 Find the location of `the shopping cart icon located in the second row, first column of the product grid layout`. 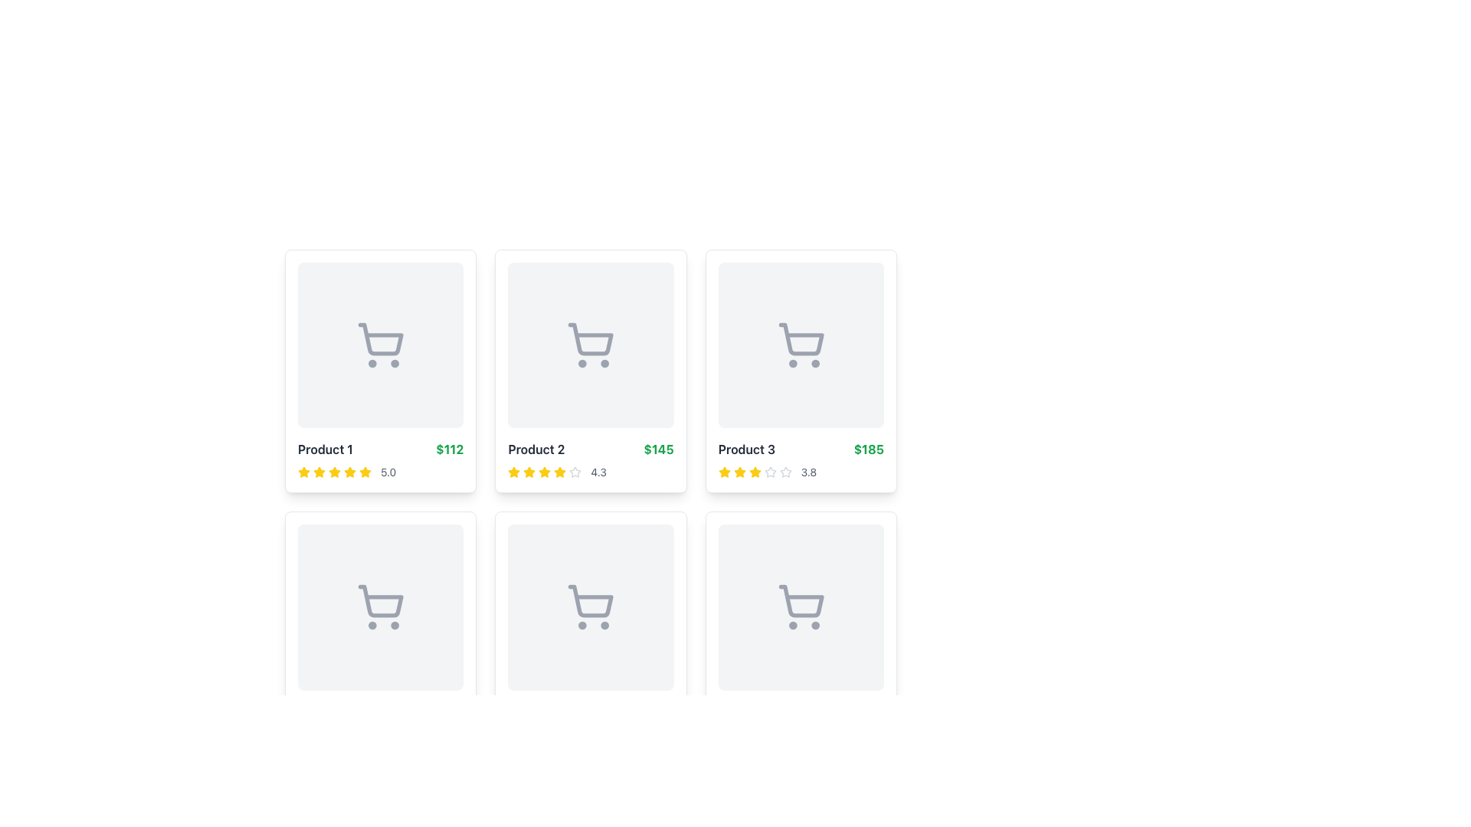

the shopping cart icon located in the second row, first column of the product grid layout is located at coordinates (381, 606).